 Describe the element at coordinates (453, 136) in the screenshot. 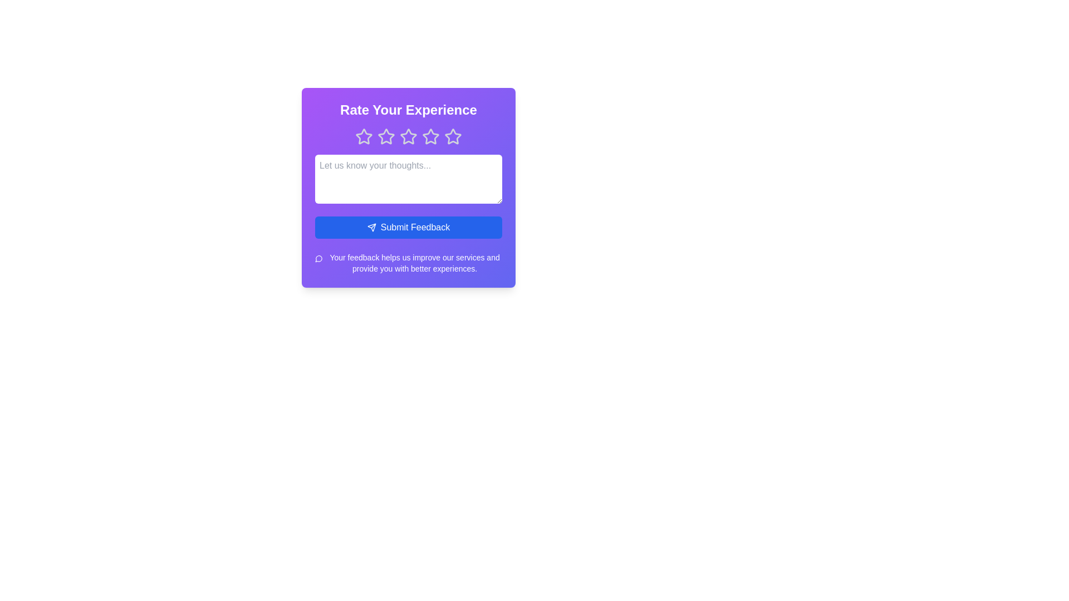

I see `the fourth star icon from the left in a sequence of five stars` at that location.